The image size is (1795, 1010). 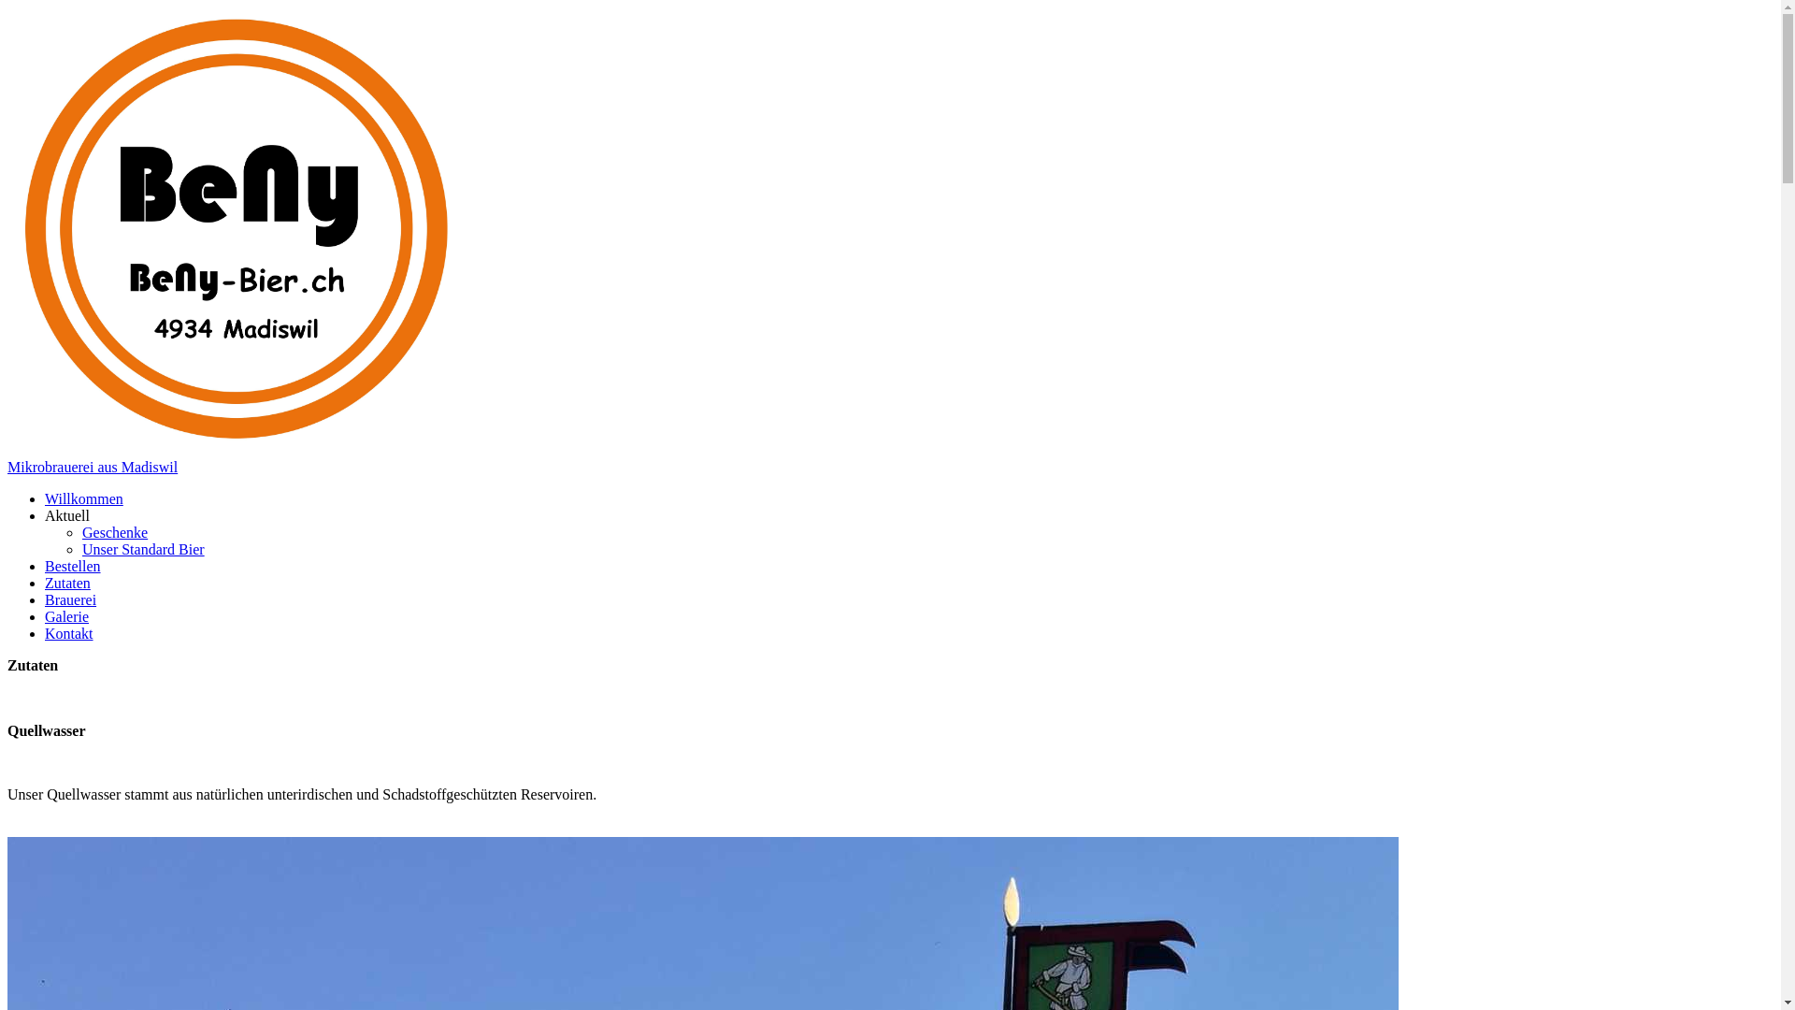 I want to click on 'Kontakt', so click(x=68, y=631).